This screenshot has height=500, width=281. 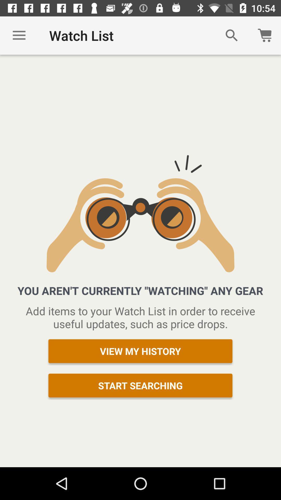 What do you see at coordinates (19, 35) in the screenshot?
I see `icon to the left of watch list` at bounding box center [19, 35].